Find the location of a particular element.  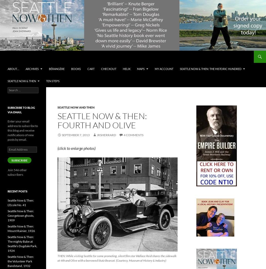

'Recent Posts' is located at coordinates (17, 191).